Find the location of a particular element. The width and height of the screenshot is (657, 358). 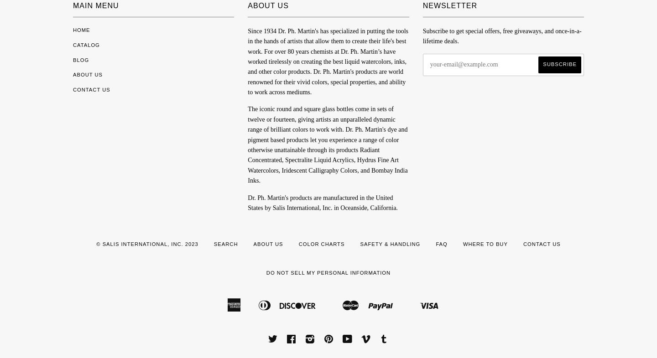

'Safety & Handling' is located at coordinates (390, 243).